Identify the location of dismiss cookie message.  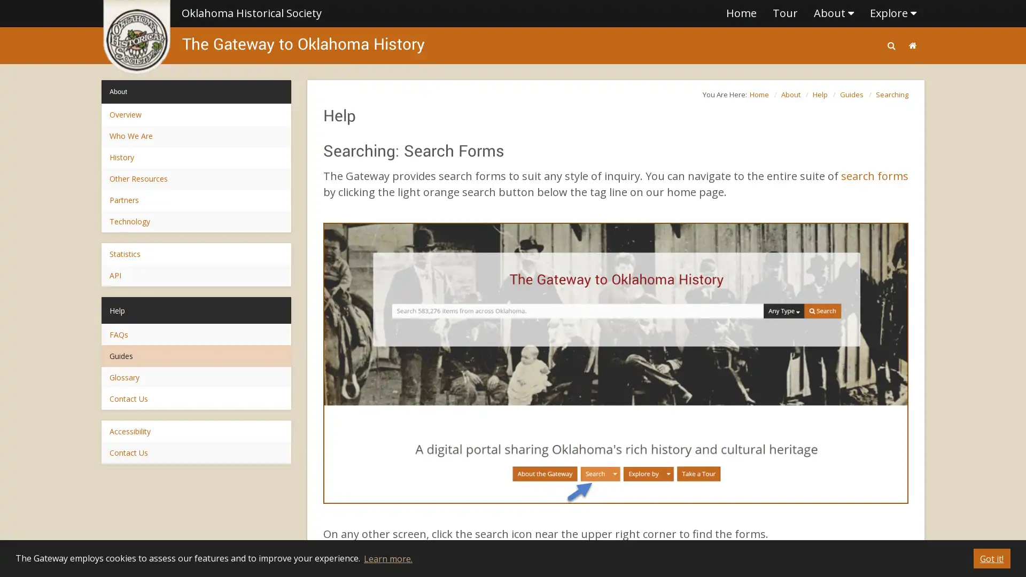
(991, 558).